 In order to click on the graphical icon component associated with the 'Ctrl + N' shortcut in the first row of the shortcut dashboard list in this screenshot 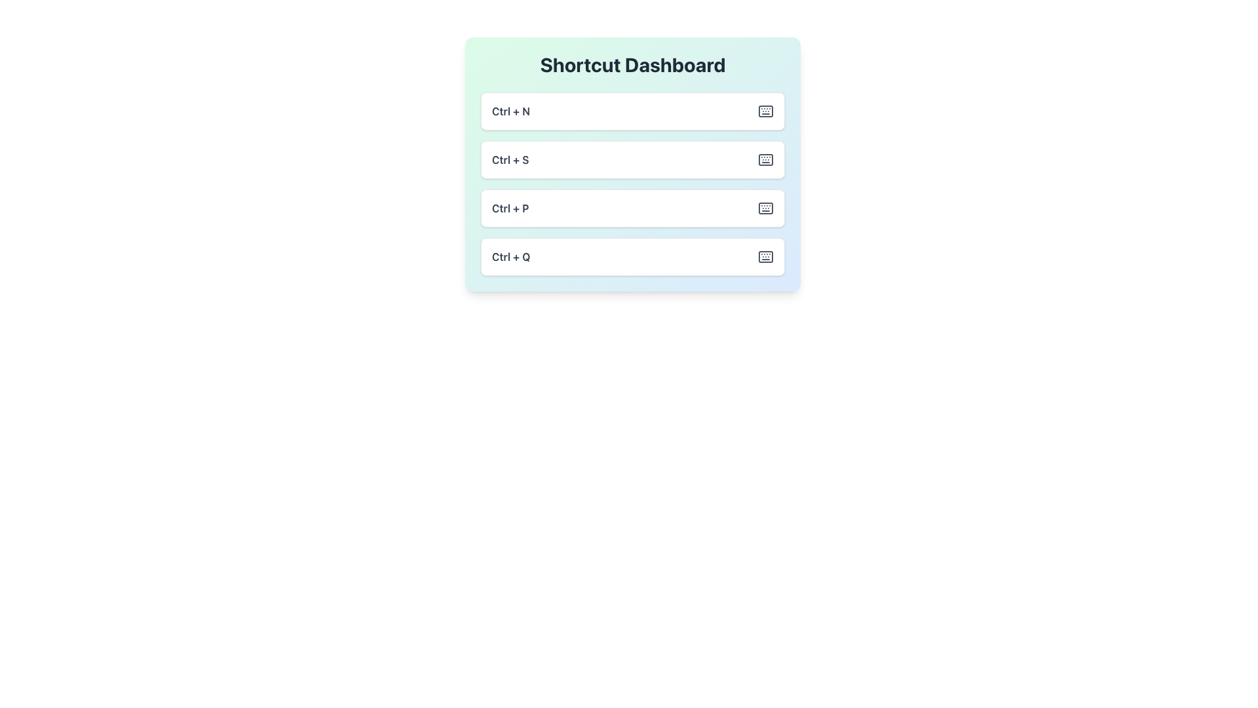, I will do `click(766, 110)`.